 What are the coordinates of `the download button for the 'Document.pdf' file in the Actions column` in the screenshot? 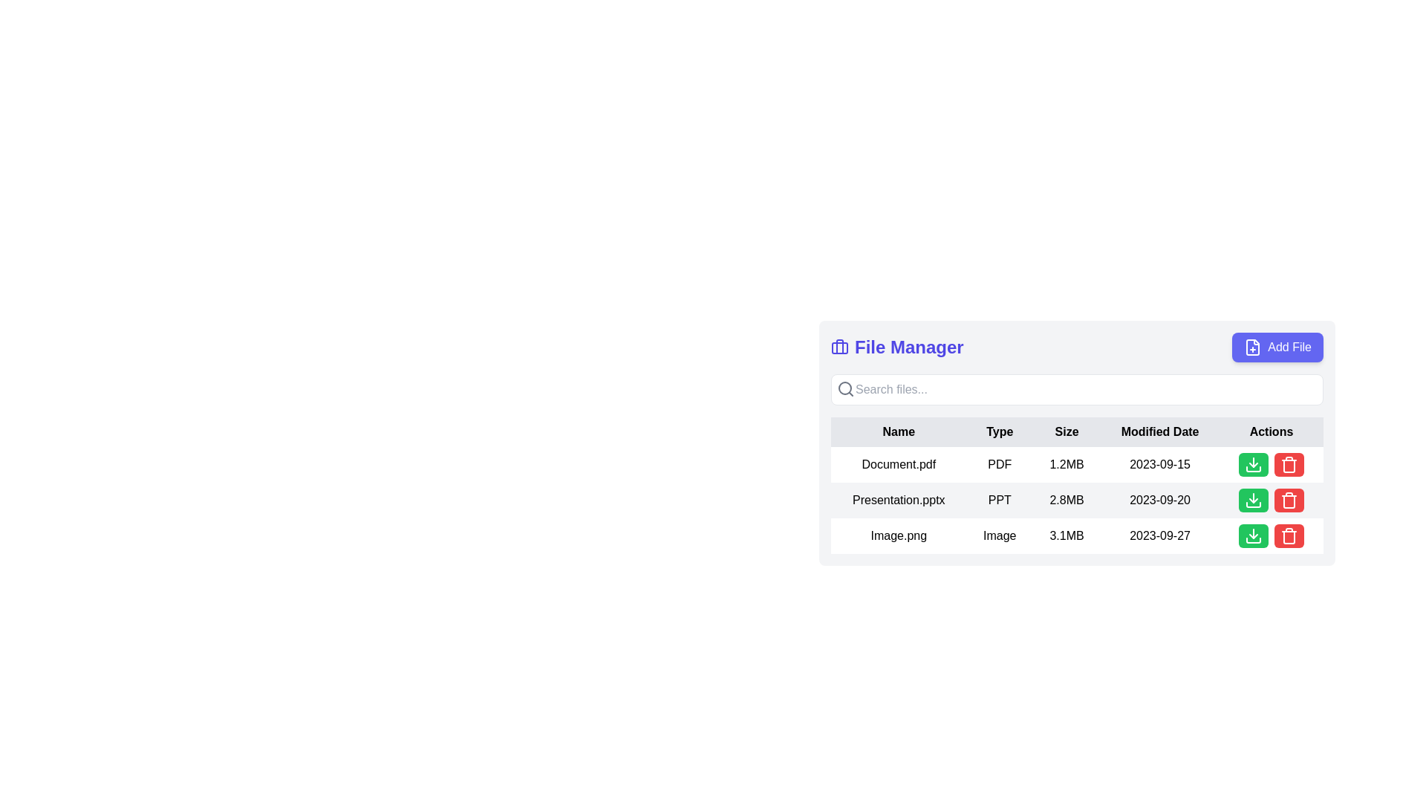 It's located at (1271, 463).